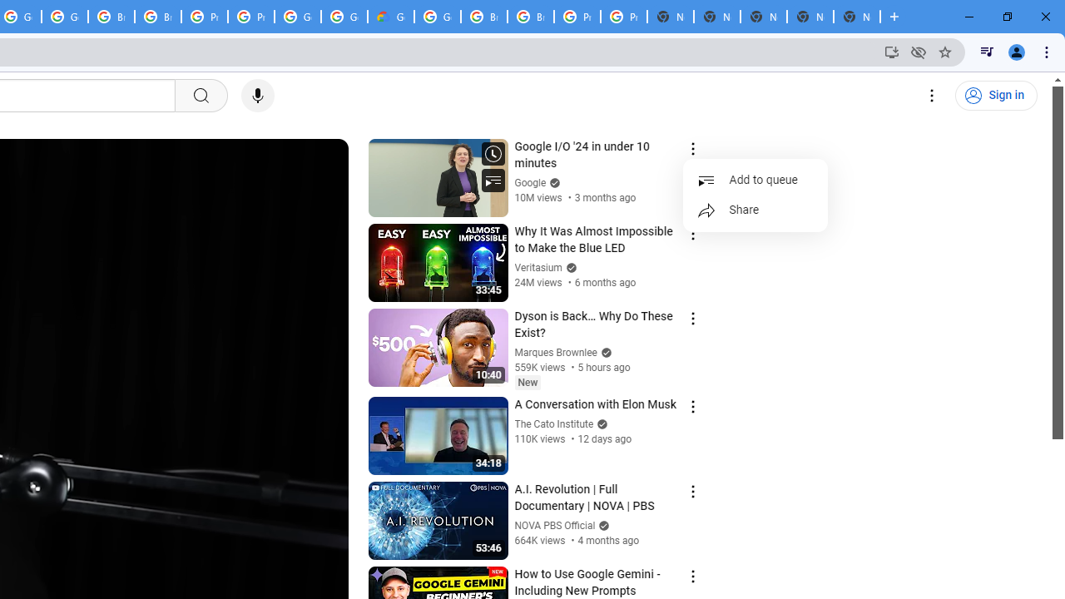  What do you see at coordinates (986, 51) in the screenshot?
I see `'Control your music, videos, and more'` at bounding box center [986, 51].